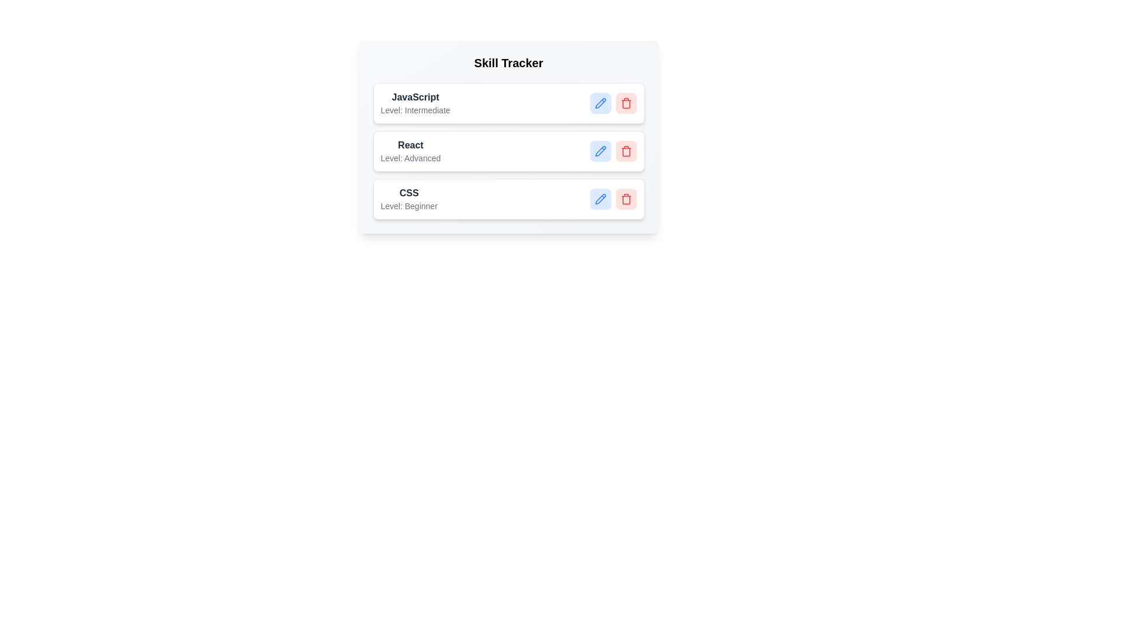 Image resolution: width=1122 pixels, height=631 pixels. I want to click on the text of a skill name JavaScript, so click(415, 96).